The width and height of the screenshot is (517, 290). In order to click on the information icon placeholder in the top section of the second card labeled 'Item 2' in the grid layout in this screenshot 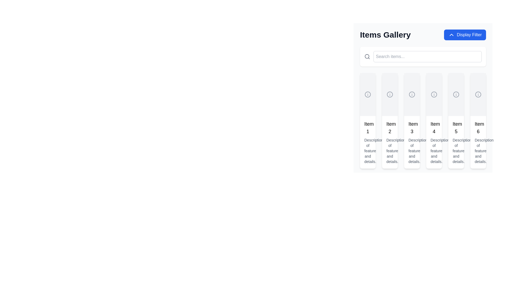, I will do `click(390, 94)`.